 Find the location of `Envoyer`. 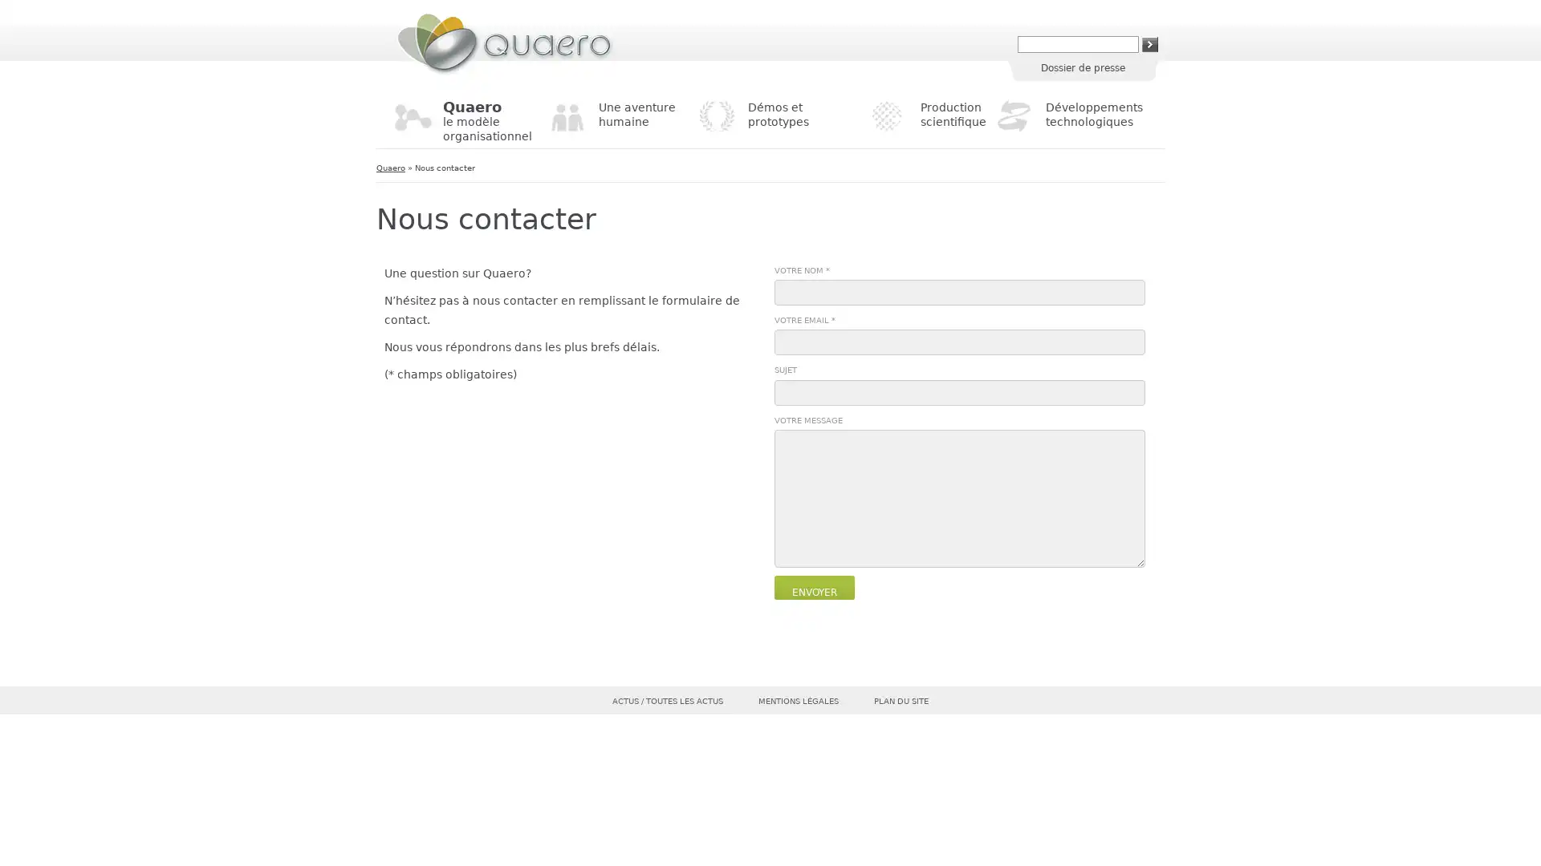

Envoyer is located at coordinates (814, 587).